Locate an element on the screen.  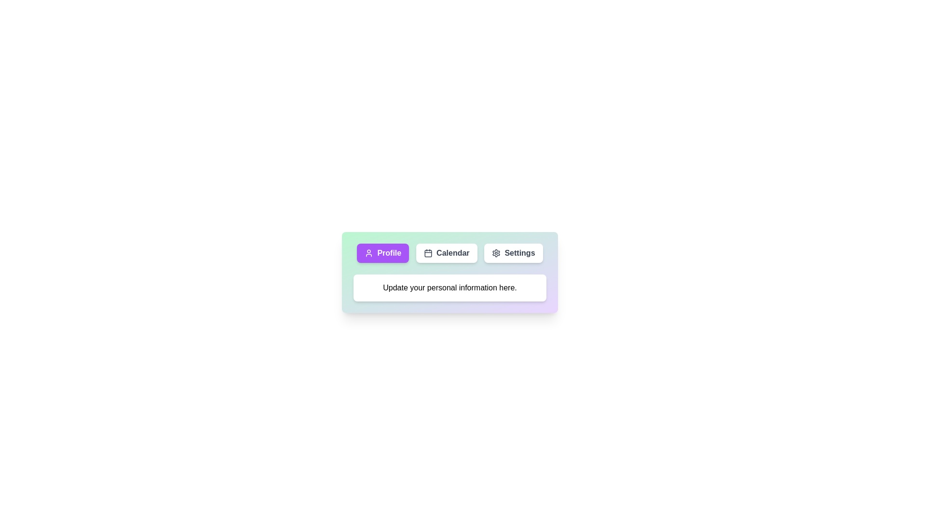
the 'Profile' text label, which is styled in white bold text on a purple background, to check for interactive effects is located at coordinates (389, 252).